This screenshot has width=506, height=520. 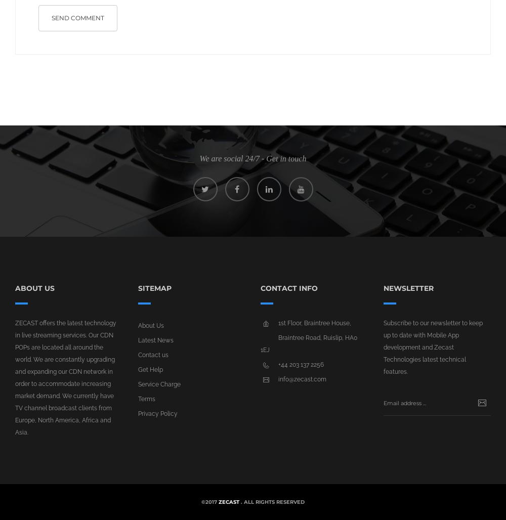 I want to click on 'Sitemap', so click(x=154, y=288).